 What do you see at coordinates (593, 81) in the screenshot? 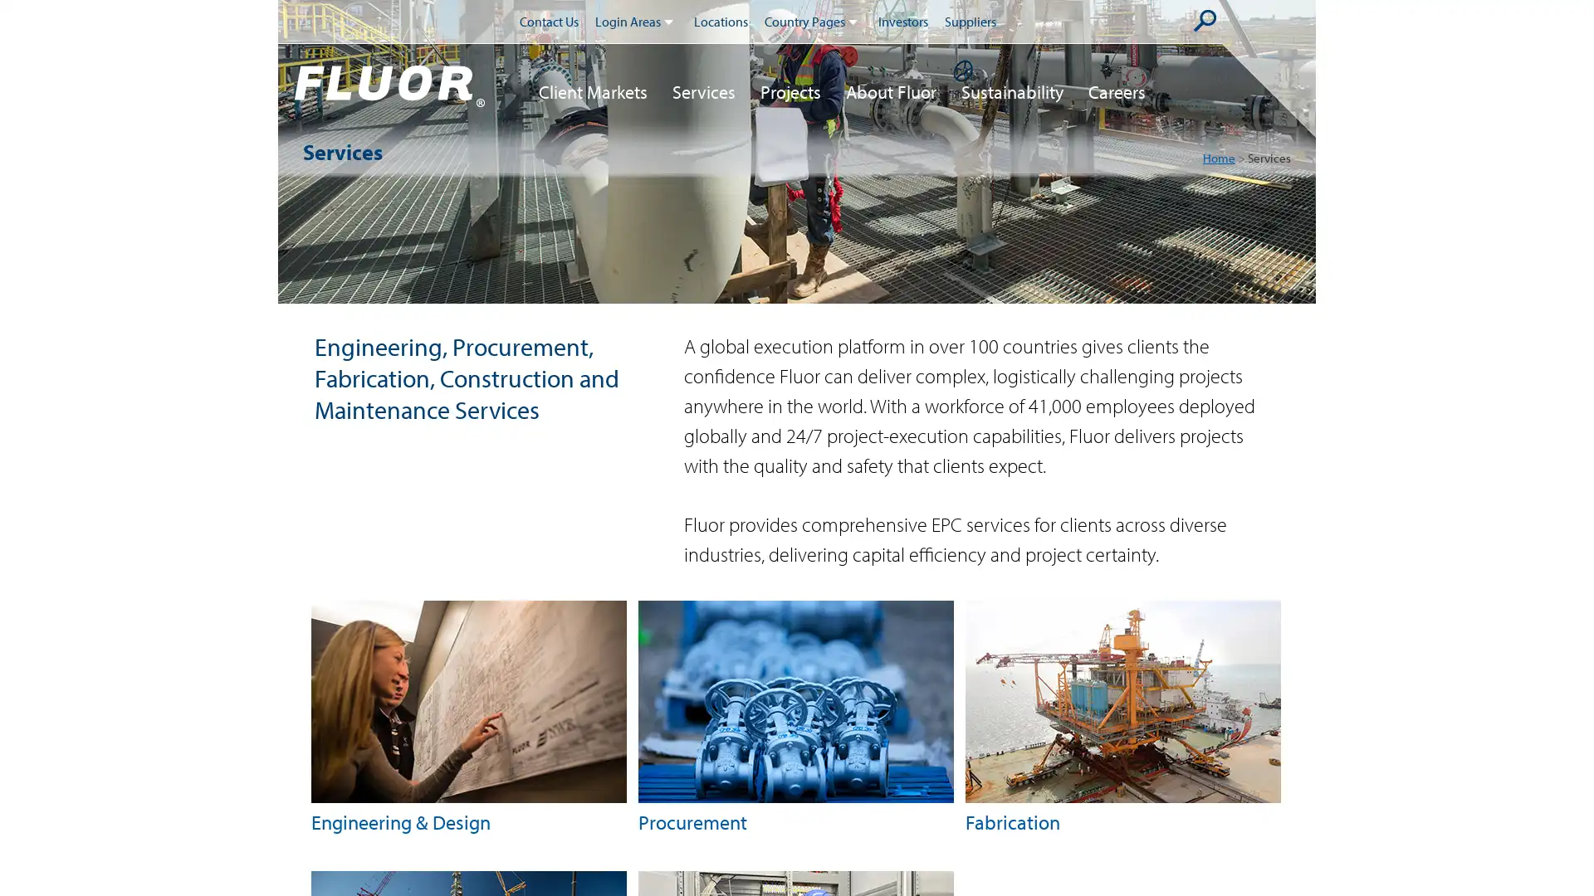
I see `Client Markets` at bounding box center [593, 81].